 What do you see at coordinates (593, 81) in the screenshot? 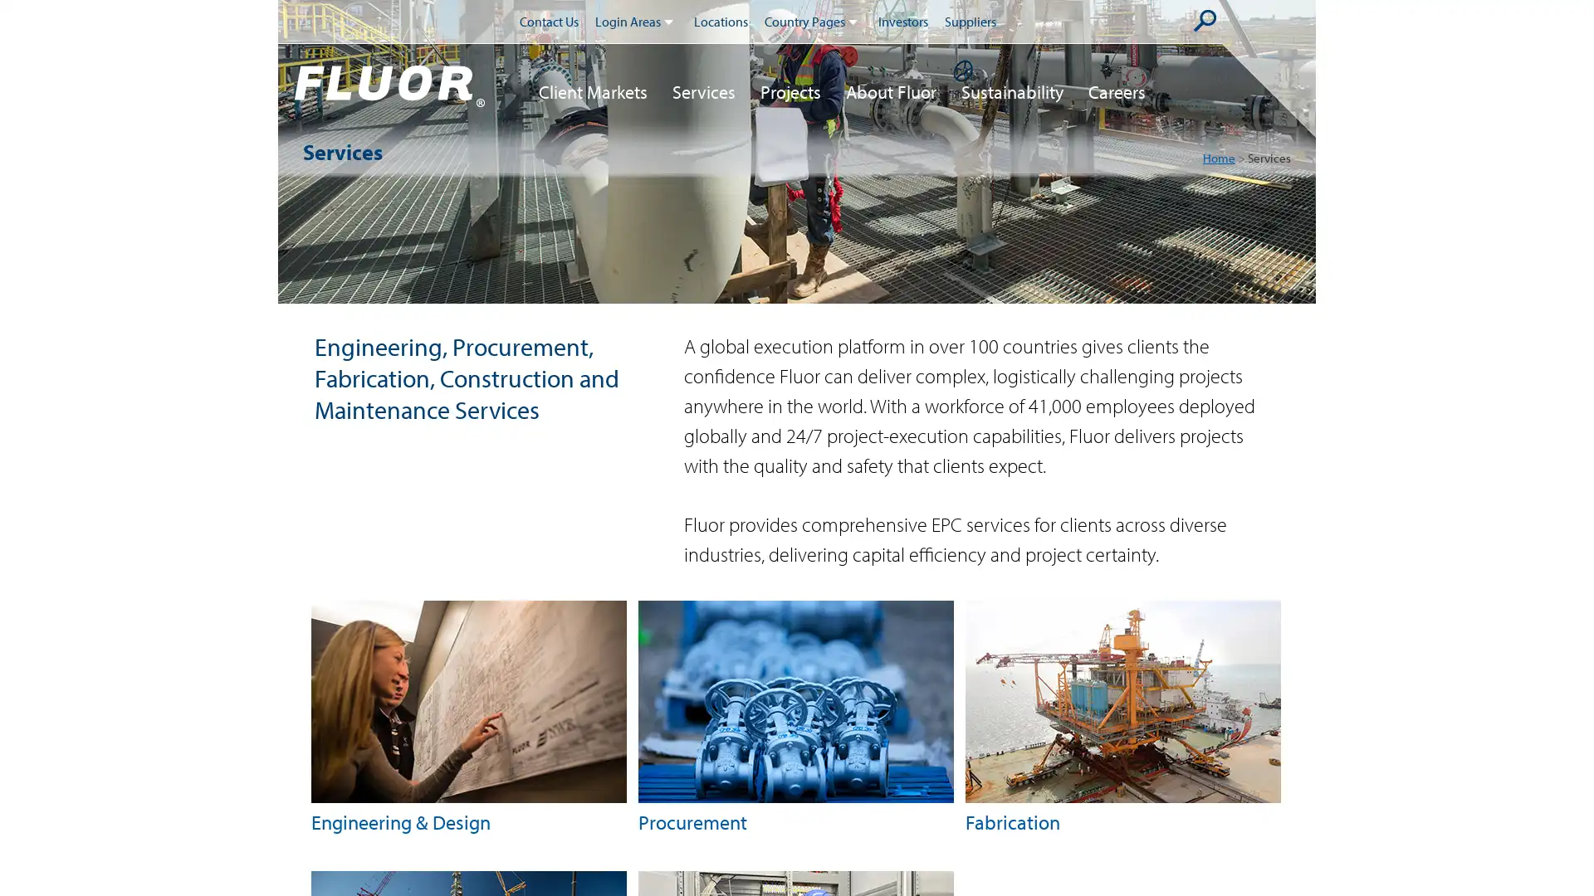
I see `Client Markets` at bounding box center [593, 81].